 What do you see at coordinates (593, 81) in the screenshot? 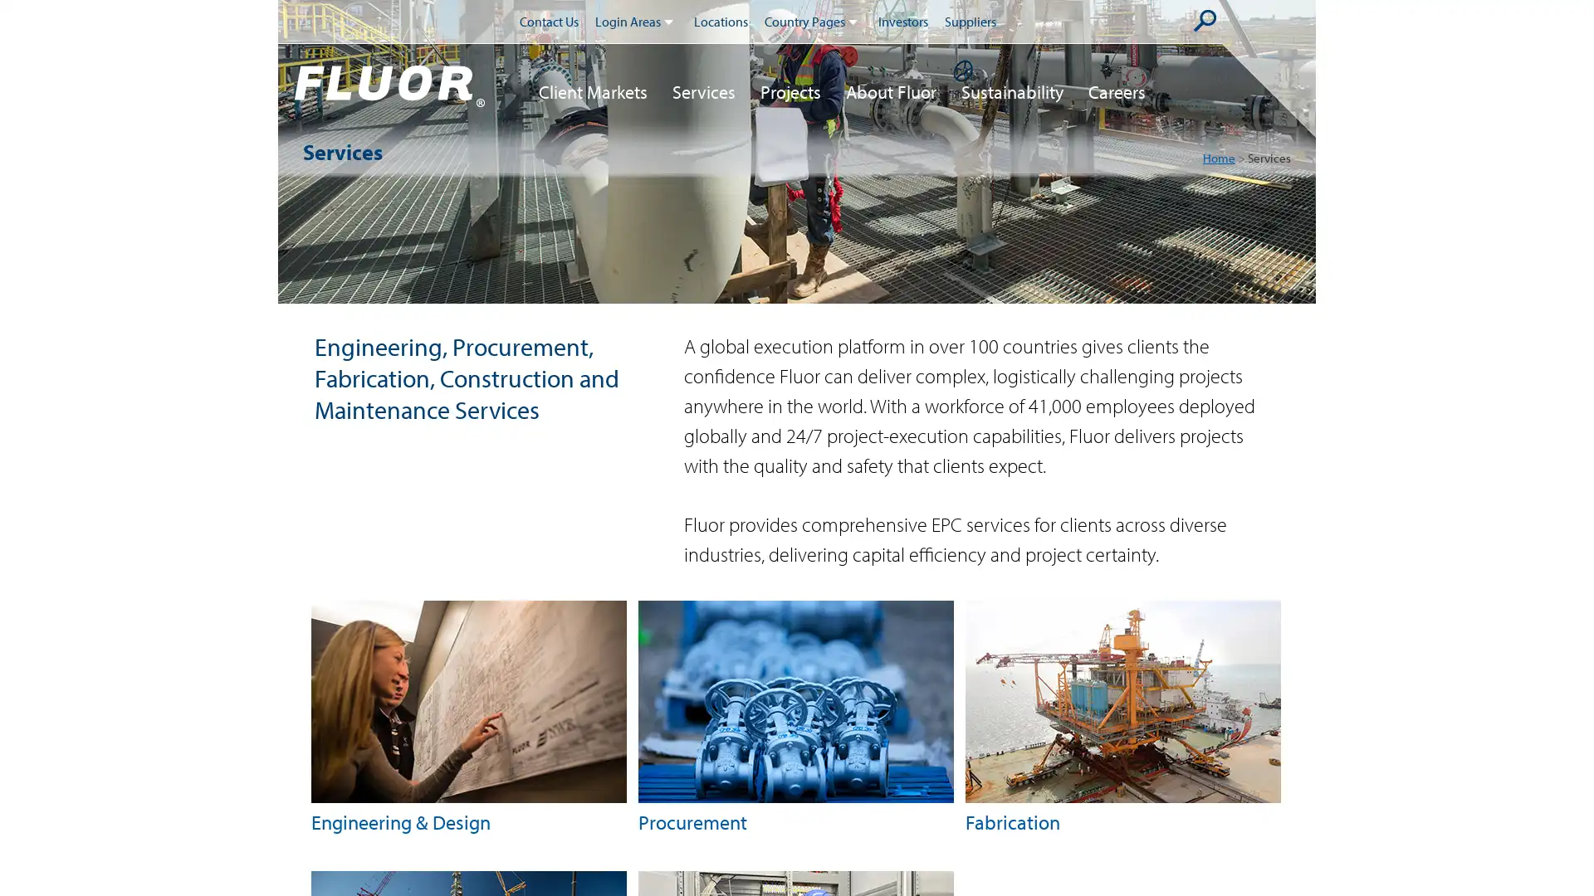
I see `Client Markets` at bounding box center [593, 81].